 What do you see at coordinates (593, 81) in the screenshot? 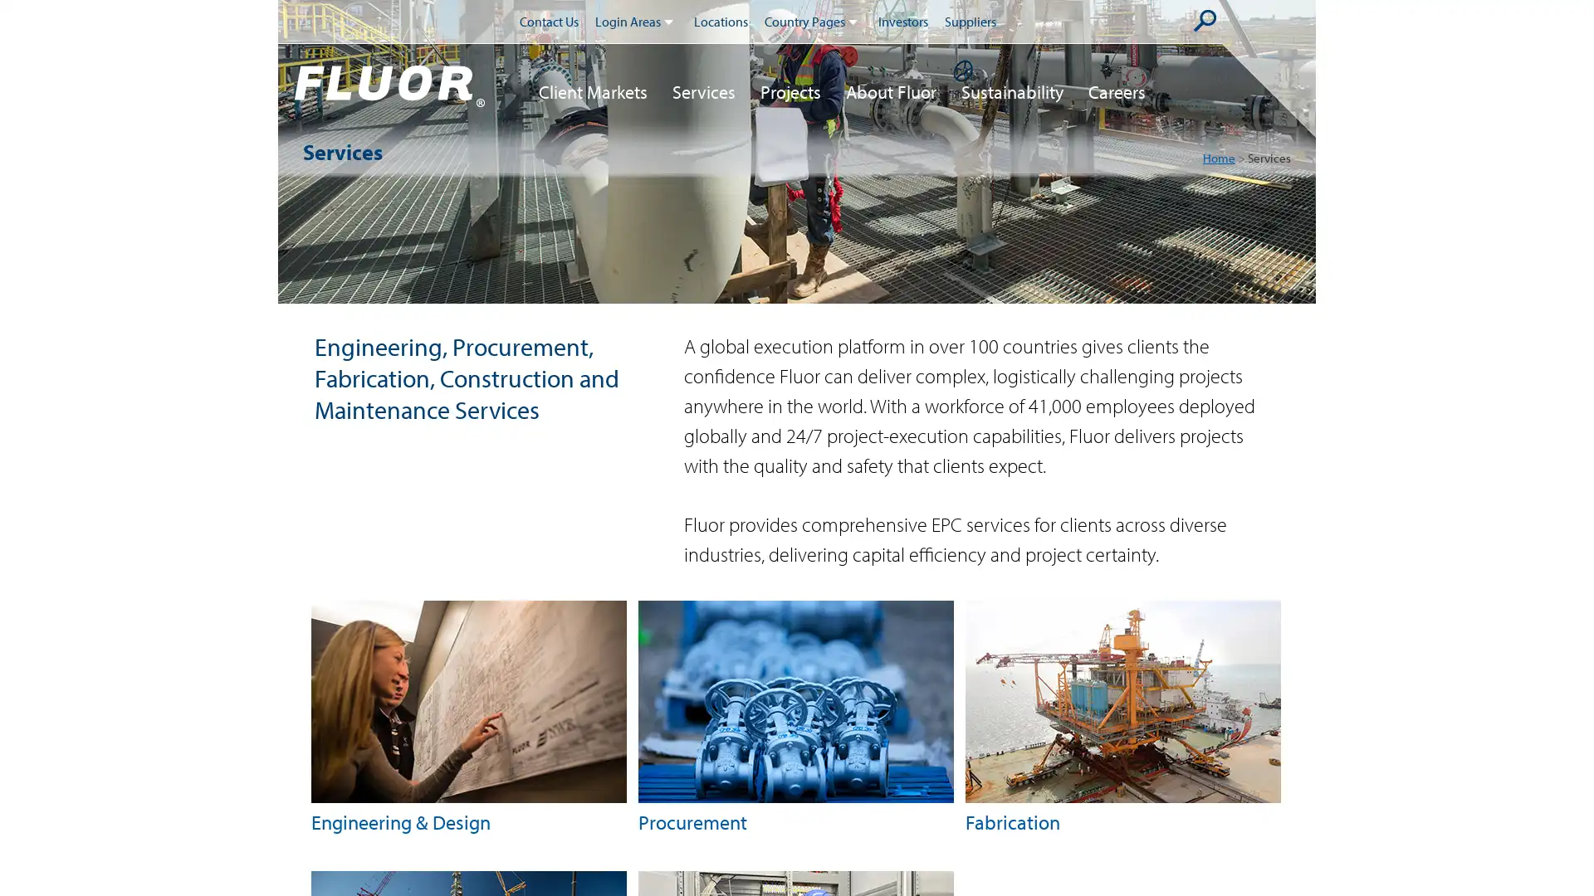
I see `Client Markets` at bounding box center [593, 81].